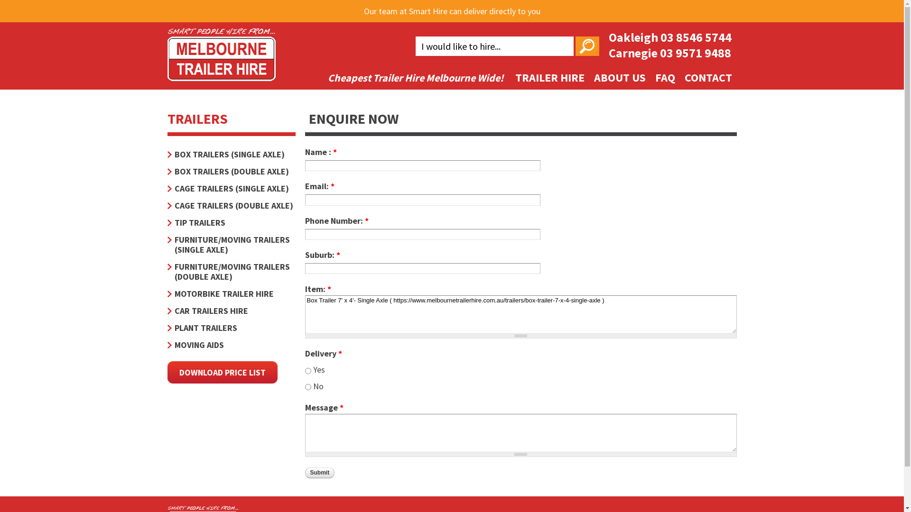  What do you see at coordinates (231, 272) in the screenshot?
I see `'FURNITURE/MOVING TRAILERS (DOUBLE AXLE)'` at bounding box center [231, 272].